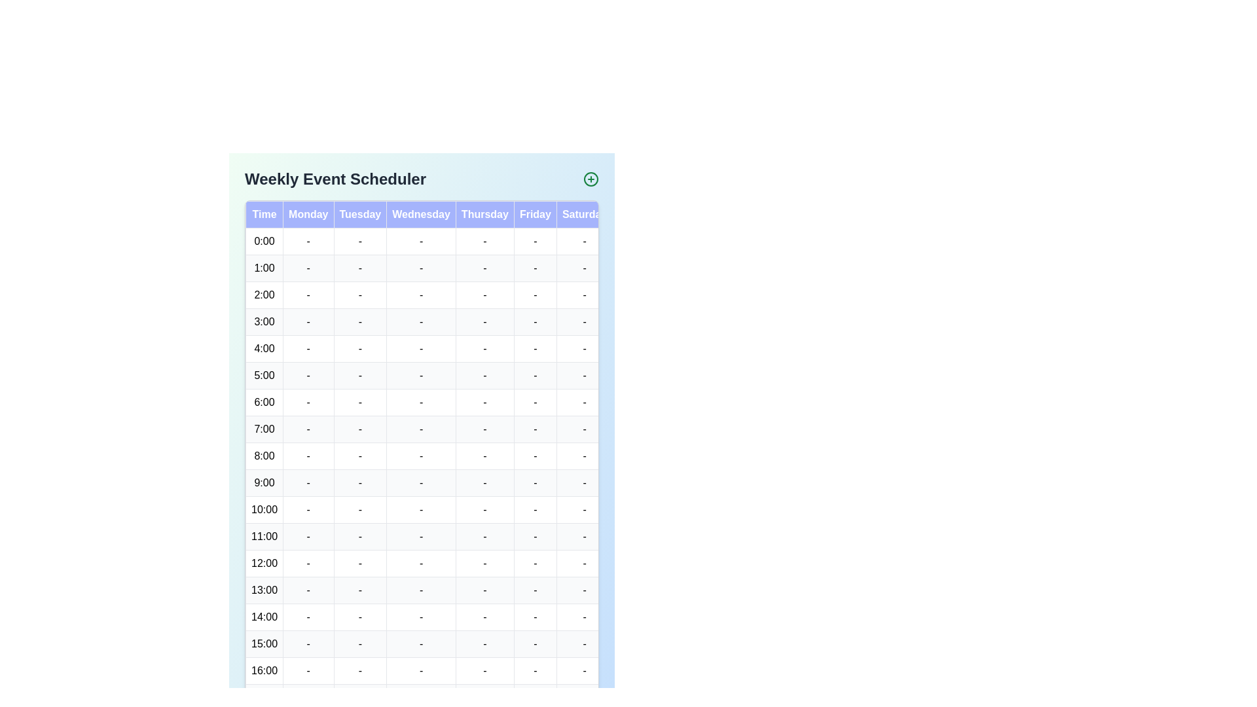 The image size is (1257, 707). Describe the element at coordinates (590, 179) in the screenshot. I see `the 'Add Event' button to observe its hover state` at that location.